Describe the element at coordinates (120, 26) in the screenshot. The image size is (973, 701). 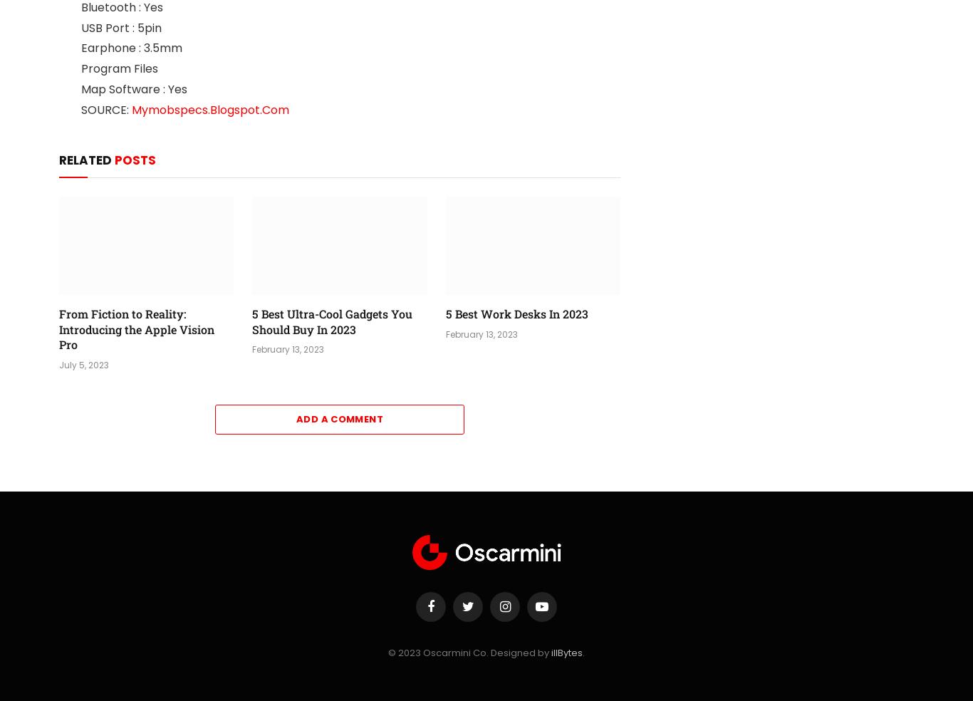
I see `'USB Port : 5pin'` at that location.